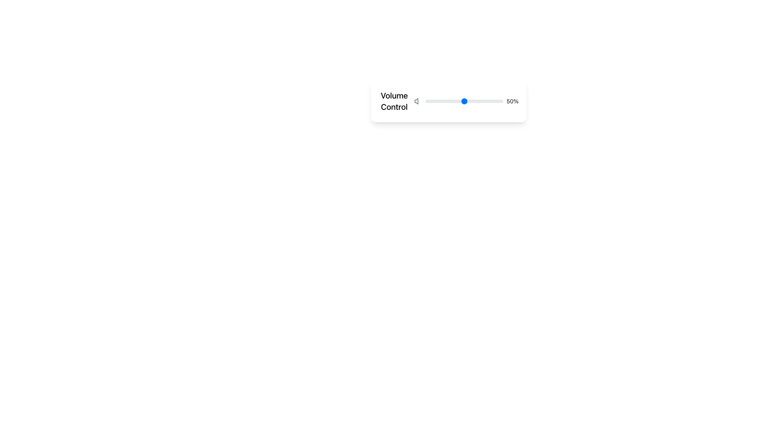 The width and height of the screenshot is (776, 436). What do you see at coordinates (434, 101) in the screenshot?
I see `the slider` at bounding box center [434, 101].